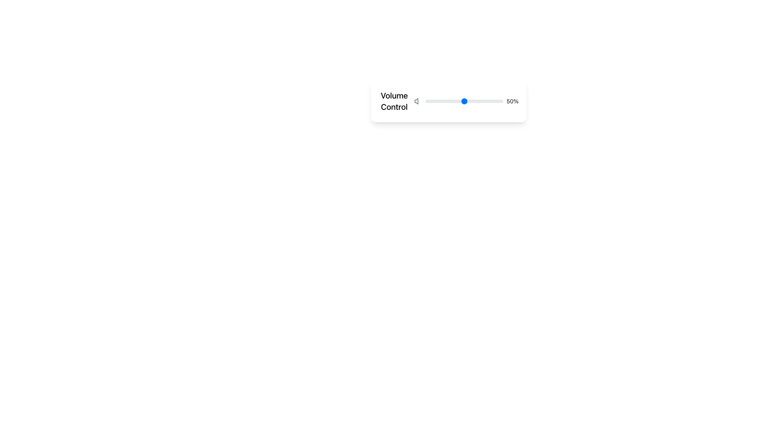 The width and height of the screenshot is (776, 436). What do you see at coordinates (434, 101) in the screenshot?
I see `the slider` at bounding box center [434, 101].